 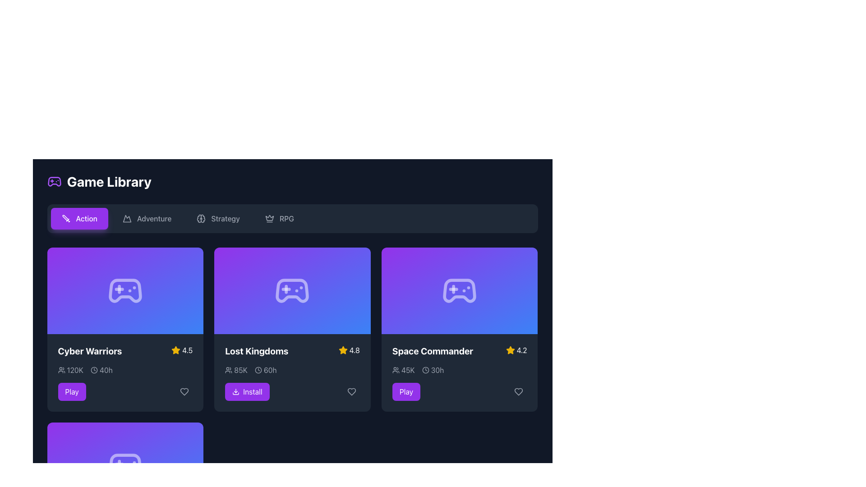 What do you see at coordinates (65, 219) in the screenshot?
I see `the icon representing the 'Action' category located within the button labeled 'Action' at the top left corner of the interface` at bounding box center [65, 219].